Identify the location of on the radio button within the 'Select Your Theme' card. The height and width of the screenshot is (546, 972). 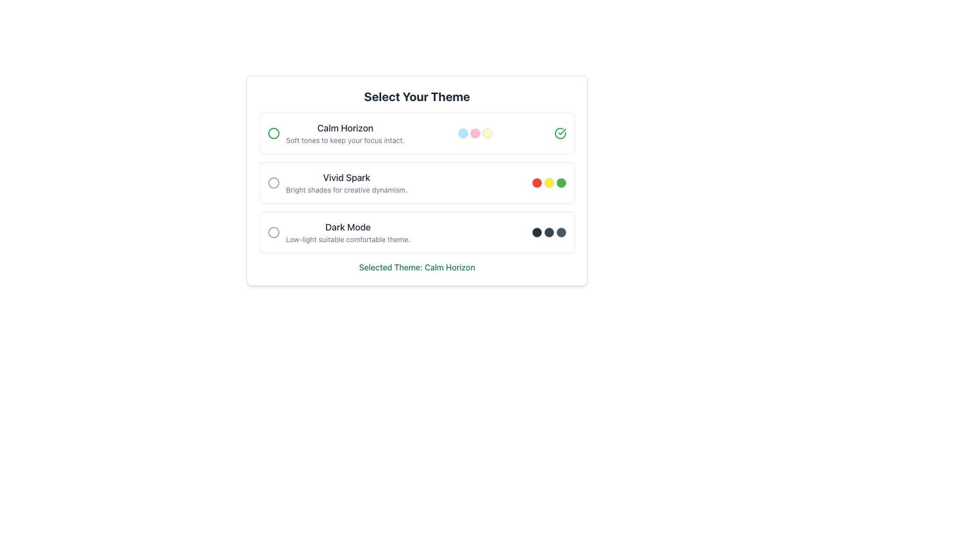
(417, 183).